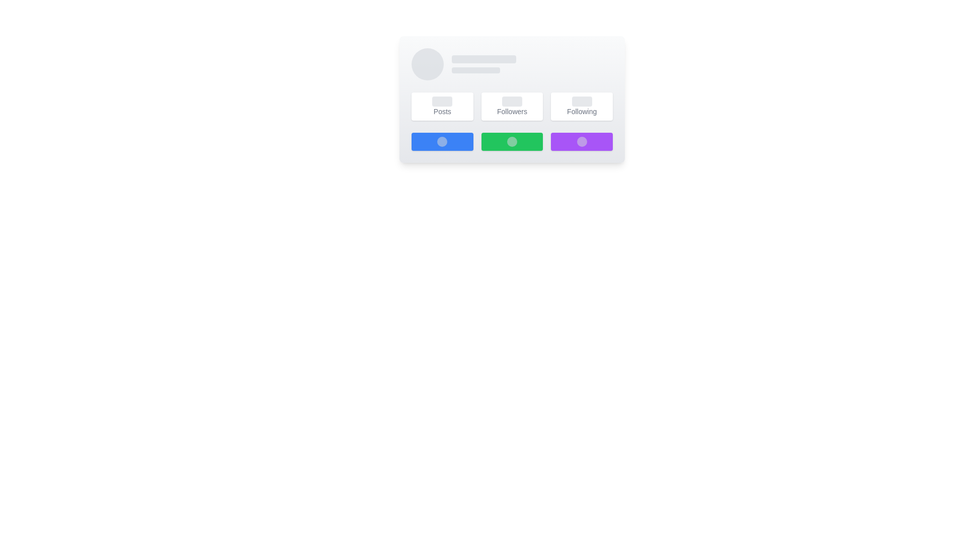  What do you see at coordinates (484, 59) in the screenshot?
I see `the horizontal, rectangular placeholder bar styled with a subtle animation and light gray color, located at the top center of the card-like area` at bounding box center [484, 59].